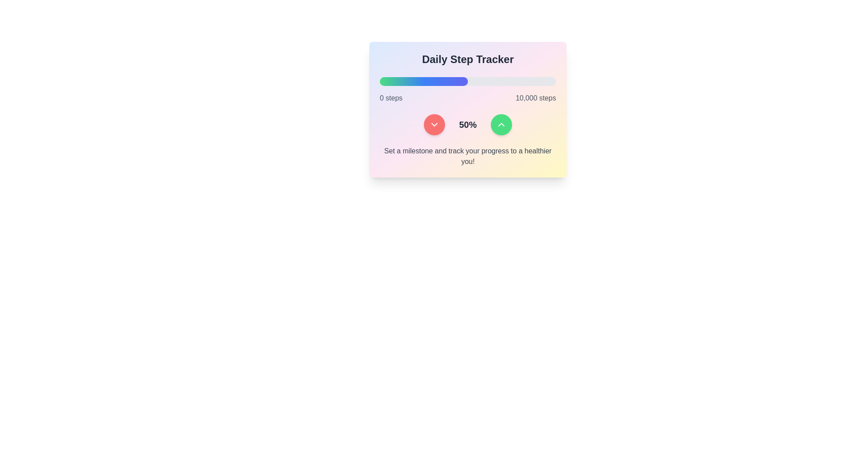 This screenshot has height=476, width=846. What do you see at coordinates (535, 98) in the screenshot?
I see `the text label displaying '10,000 steps', which is part of a progress-tracking dashboard and positioned to the right of the progress bar` at bounding box center [535, 98].